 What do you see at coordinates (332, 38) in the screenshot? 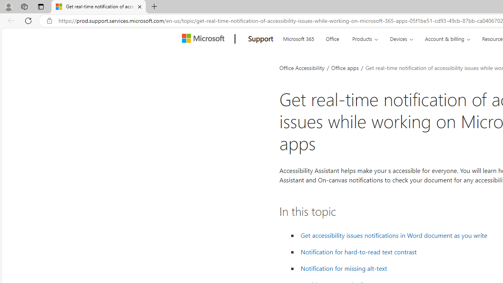
I see `'Office'` at bounding box center [332, 38].